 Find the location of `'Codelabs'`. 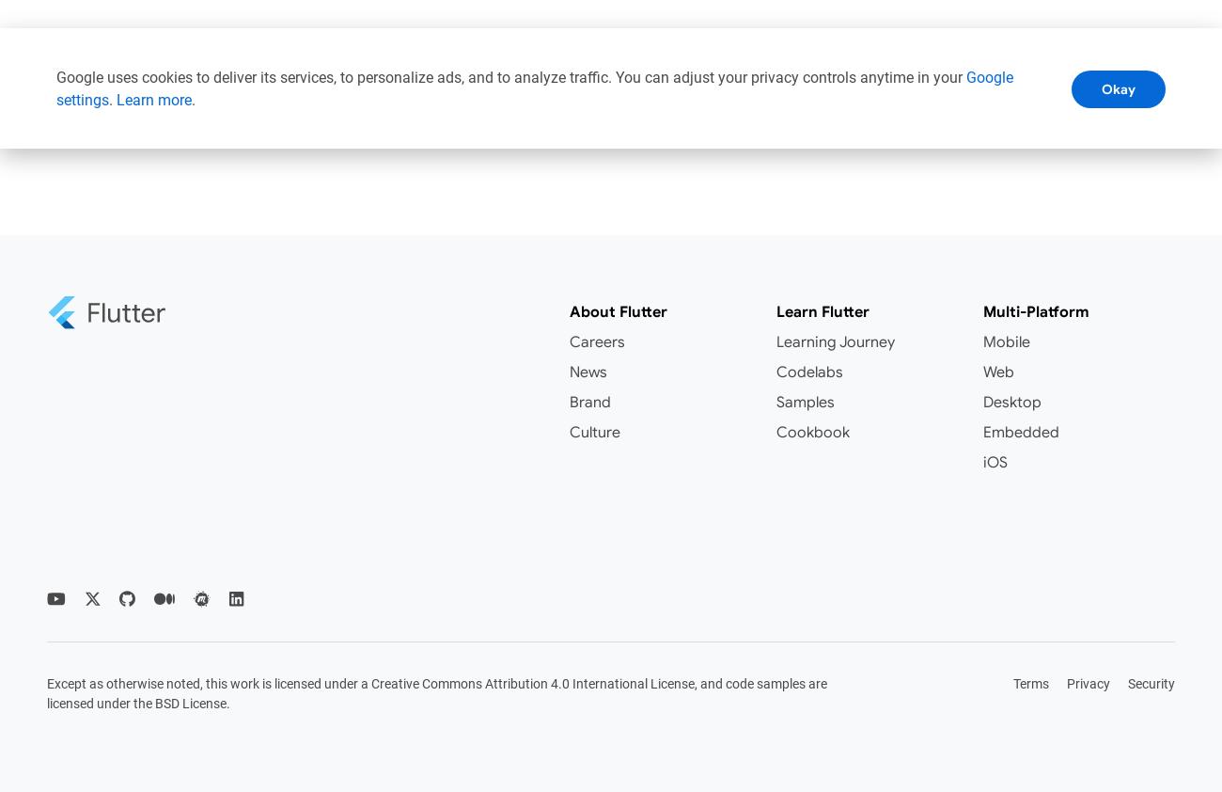

'Codelabs' is located at coordinates (809, 371).